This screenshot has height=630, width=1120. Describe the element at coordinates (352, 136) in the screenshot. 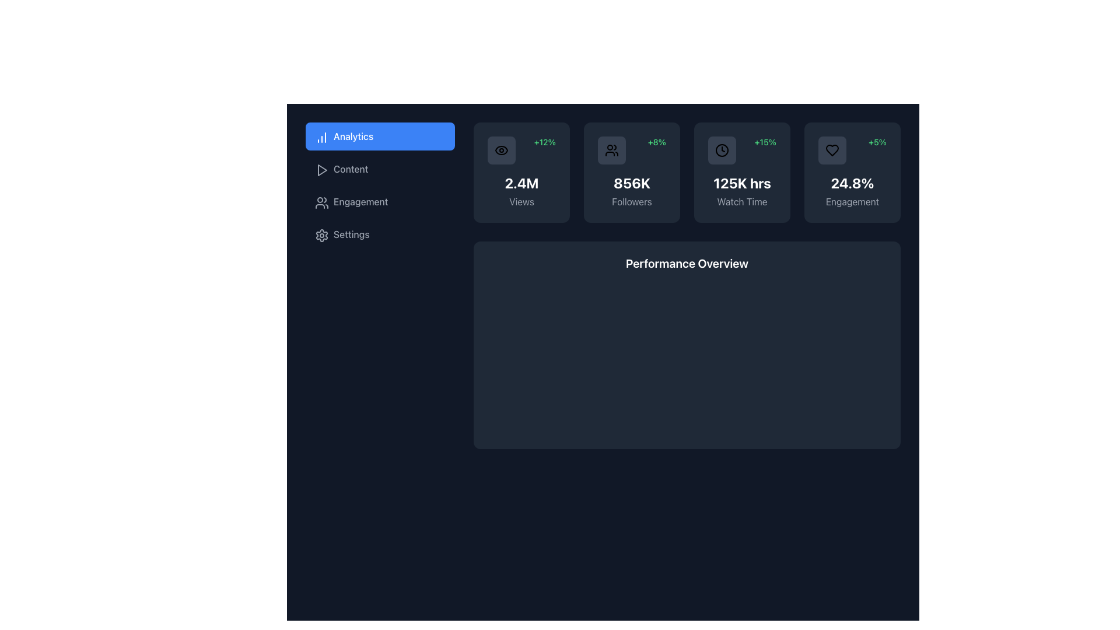

I see `the 'Analytics' text label element located within a blue button in the navigation menu` at that location.